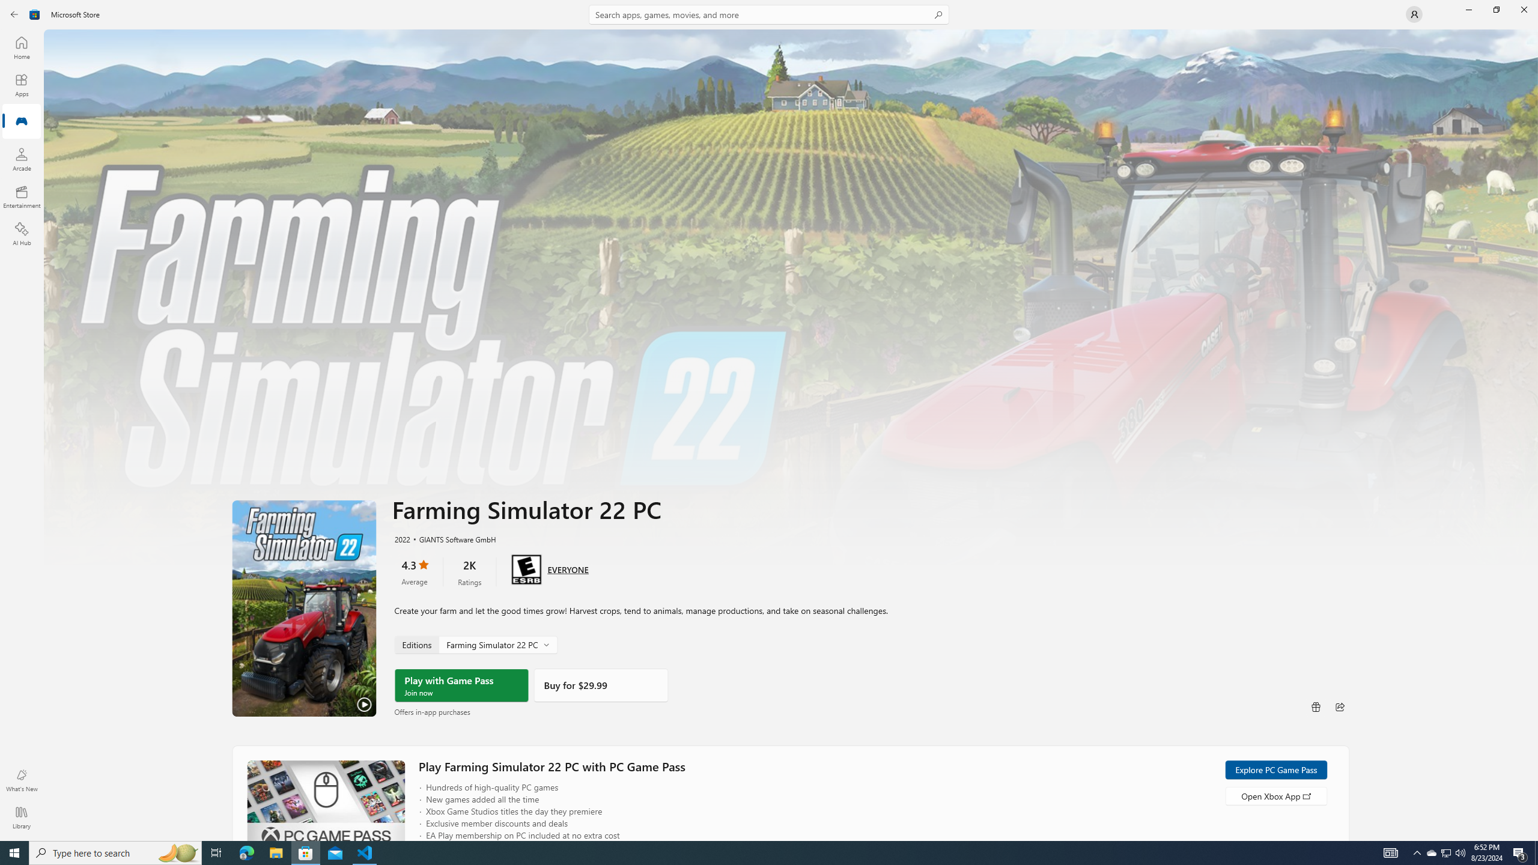 The width and height of the screenshot is (1538, 865). I want to click on 'Buy as gift', so click(1315, 706).